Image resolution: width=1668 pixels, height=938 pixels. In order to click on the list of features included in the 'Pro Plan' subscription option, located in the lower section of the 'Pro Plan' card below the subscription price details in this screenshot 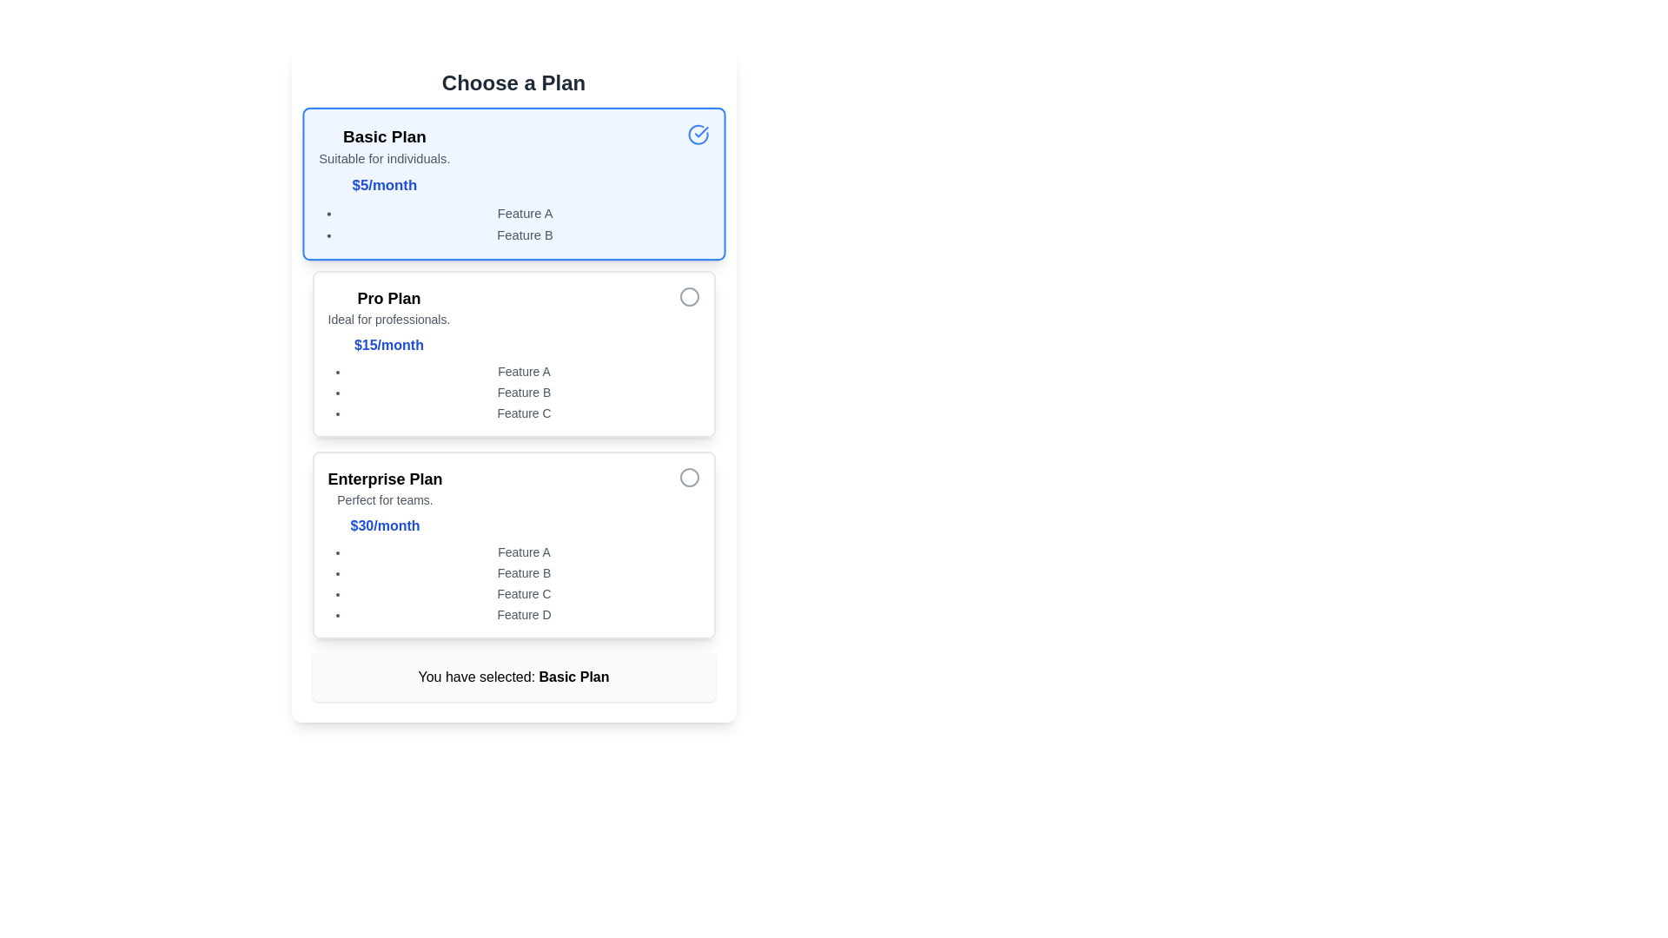, I will do `click(513, 392)`.